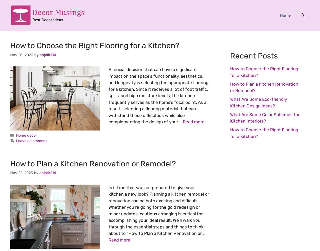  Describe the element at coordinates (109, 95) in the screenshot. I see `'A crucial decision that can have a significant impact on the space’s functionality, aesthetics, and longevity is selecting the appropriate flooring for a kitchen. Since it receives a lot of foot traffic, spills, and high moisture levels, the kitchen frequently serves as the home’s focal point. As a result, selecting a flooring material that can withstand these difficulties while also complementing the design of your …'` at that location.